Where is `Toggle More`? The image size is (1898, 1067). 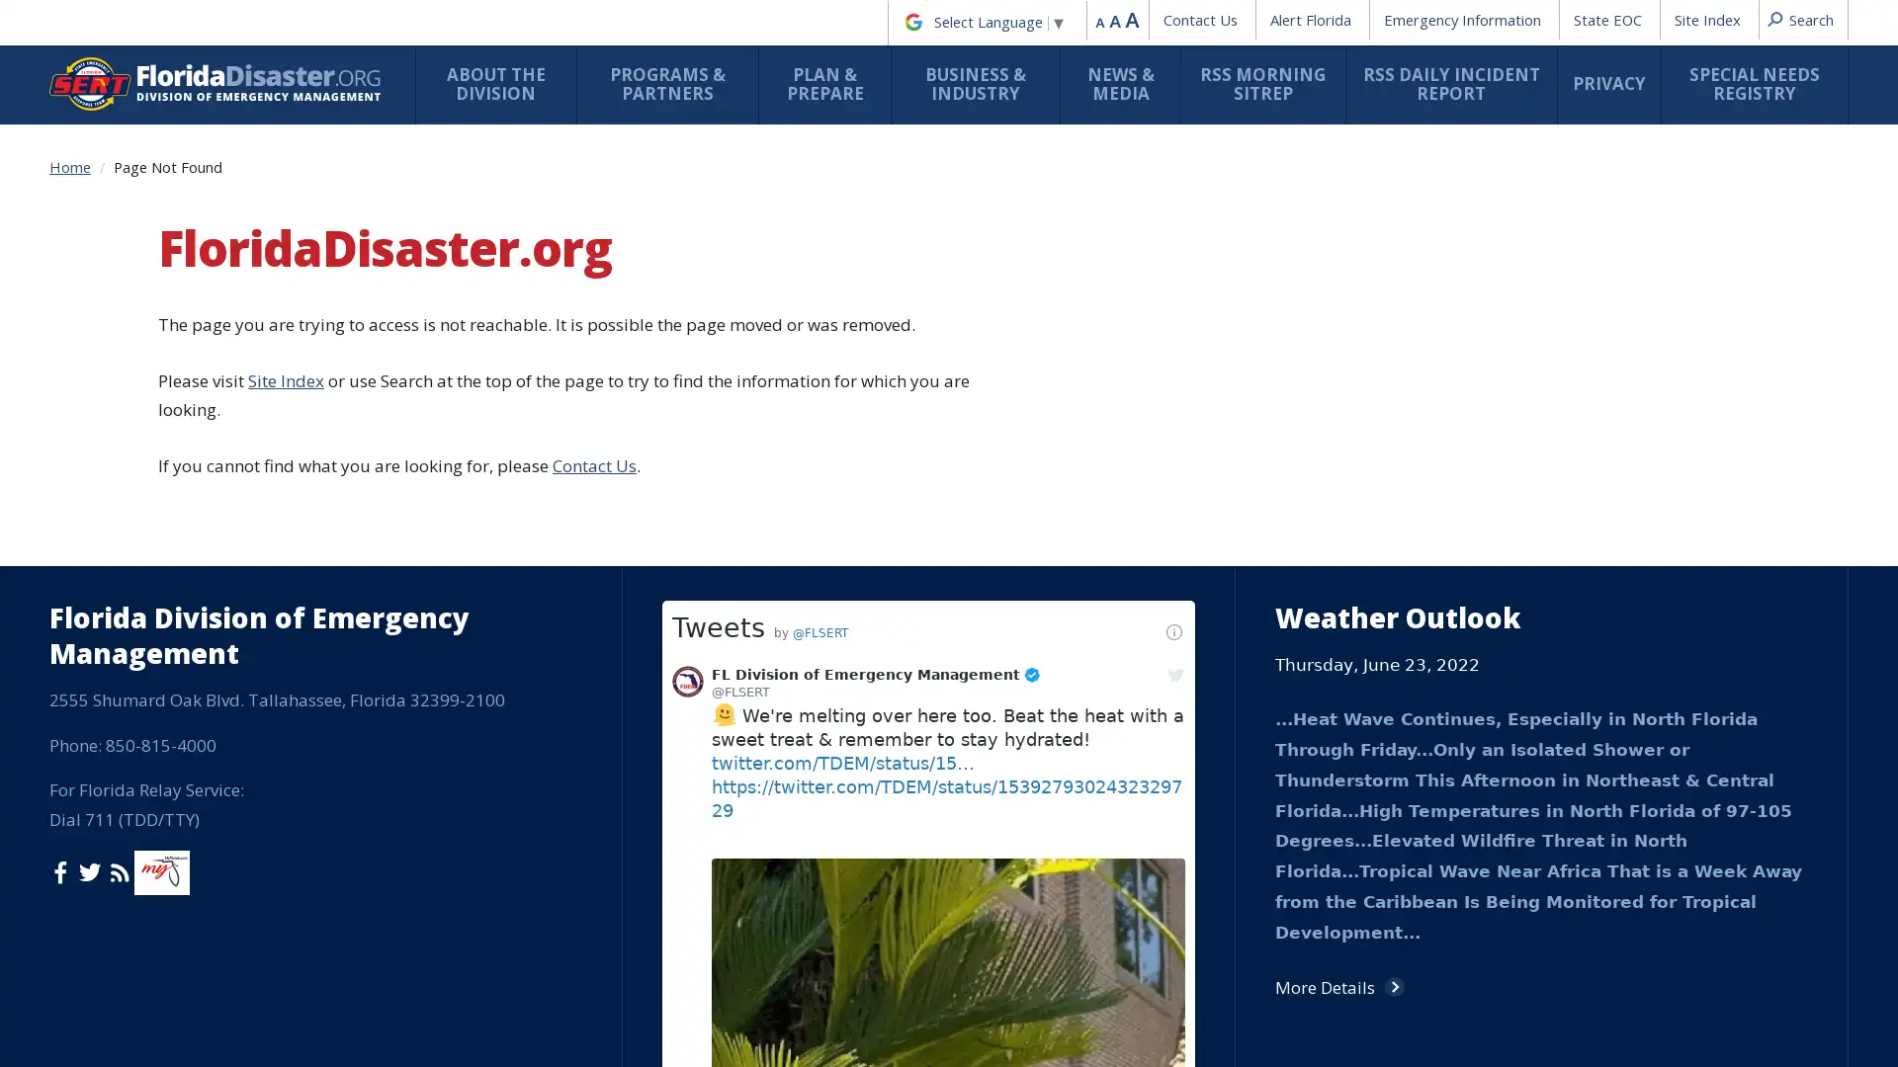
Toggle More is located at coordinates (593, 150).